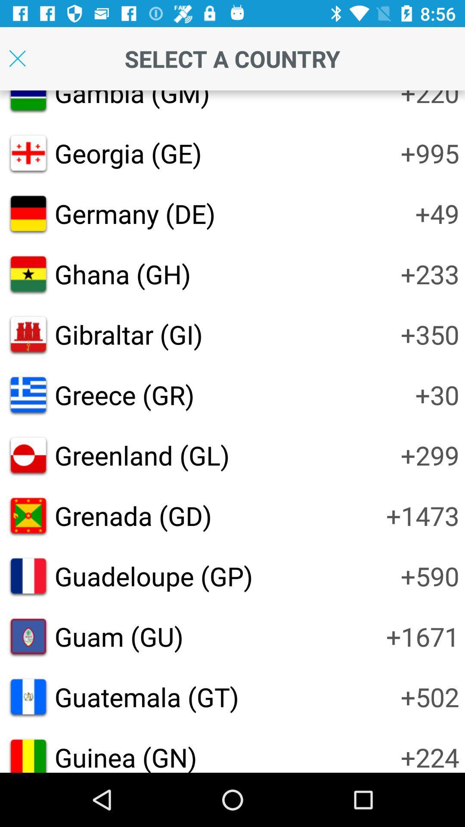  I want to click on icon to the left of +299, so click(142, 454).